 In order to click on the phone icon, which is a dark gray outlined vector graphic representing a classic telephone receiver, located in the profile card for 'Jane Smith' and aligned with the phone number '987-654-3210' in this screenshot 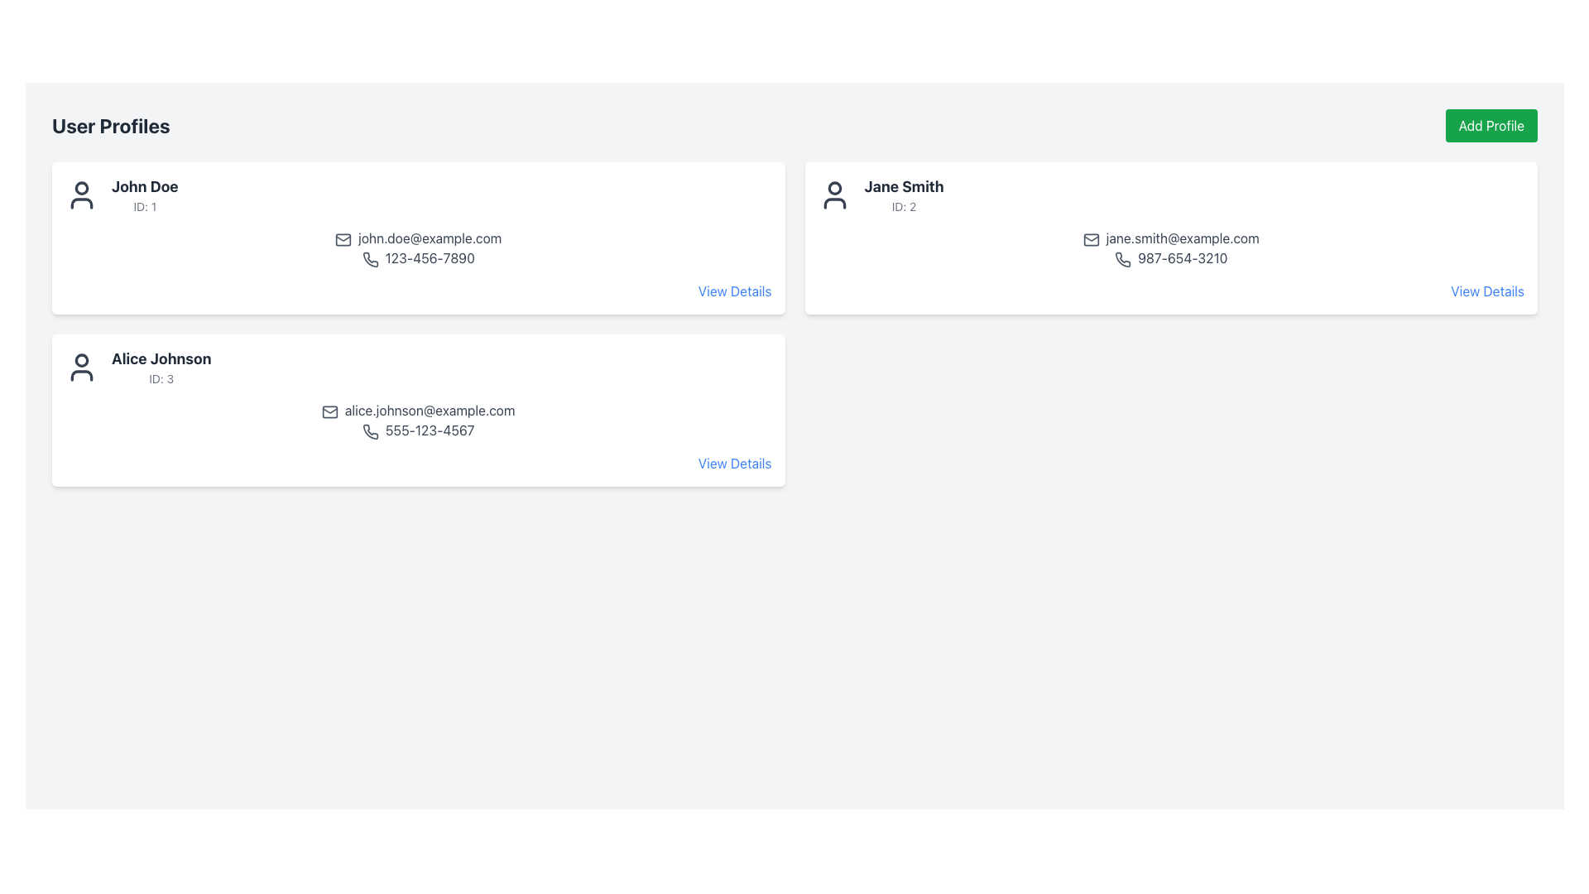, I will do `click(1123, 259)`.